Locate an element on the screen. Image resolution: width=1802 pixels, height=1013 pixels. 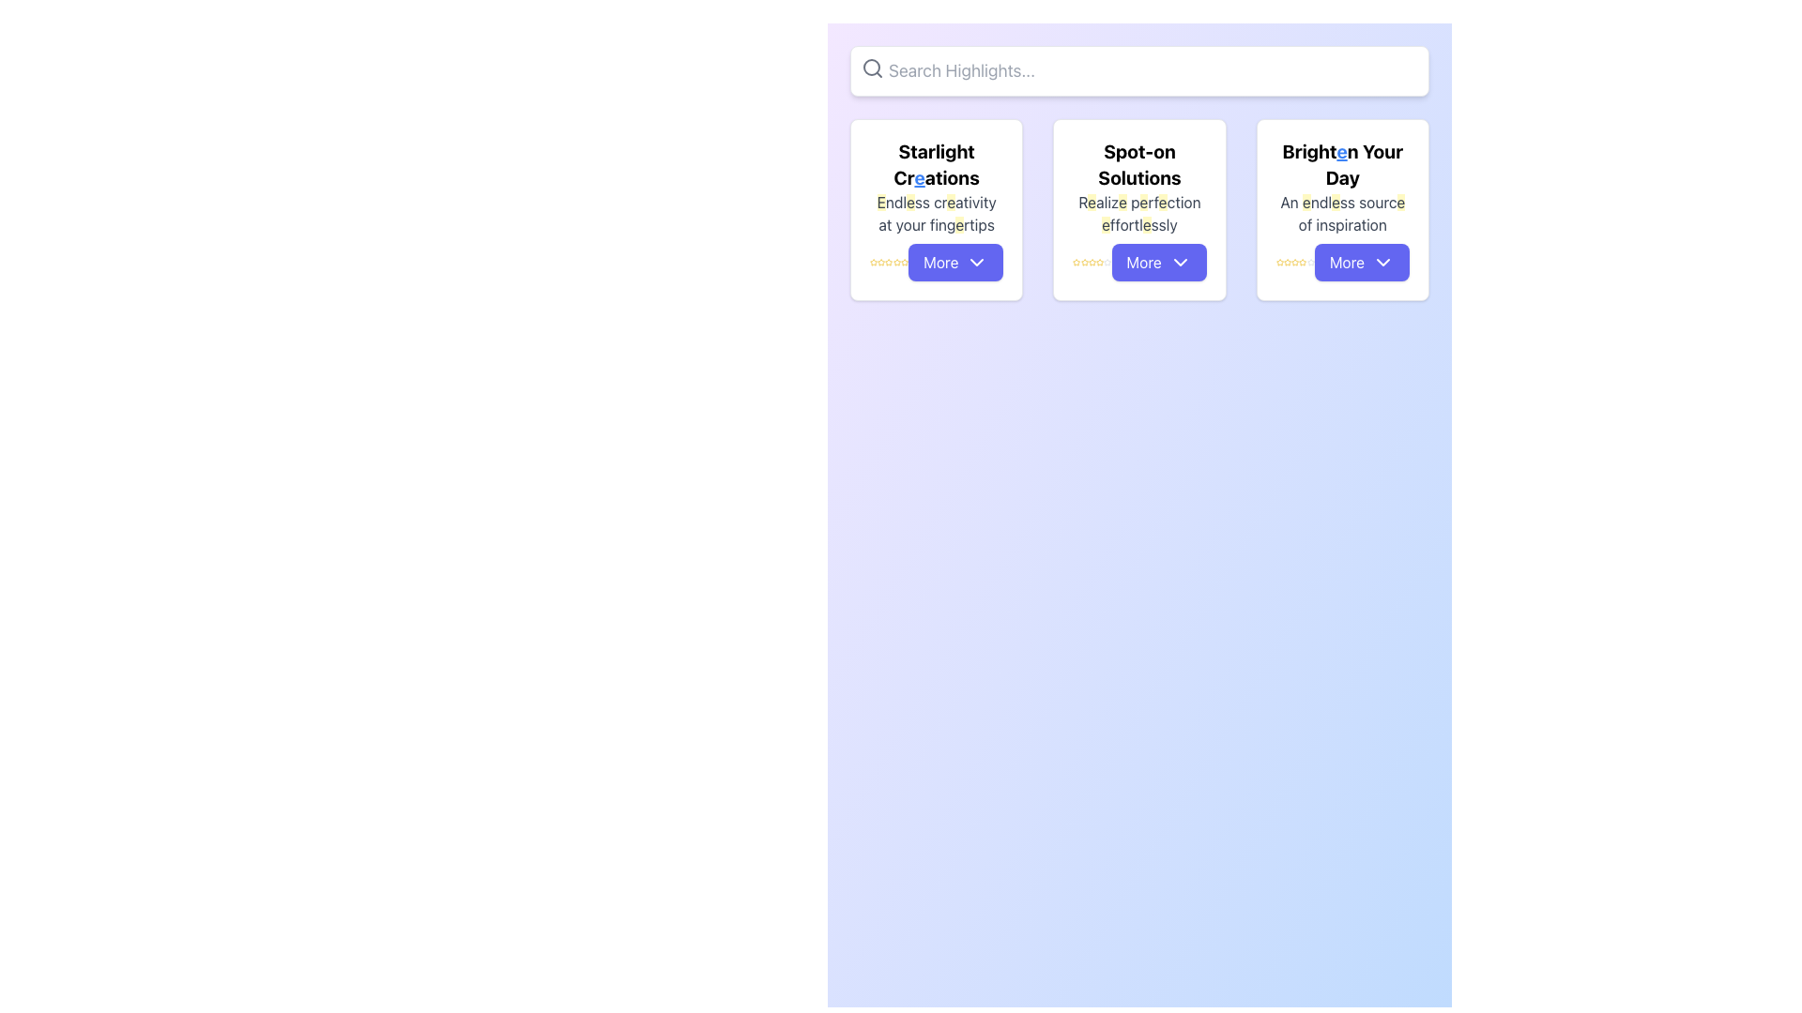
the static text element containing 'ffortl', which is located in the second row of text within the card titled 'Spot-on Solutions'. This text is the fourth word in its line is located at coordinates (1126, 223).